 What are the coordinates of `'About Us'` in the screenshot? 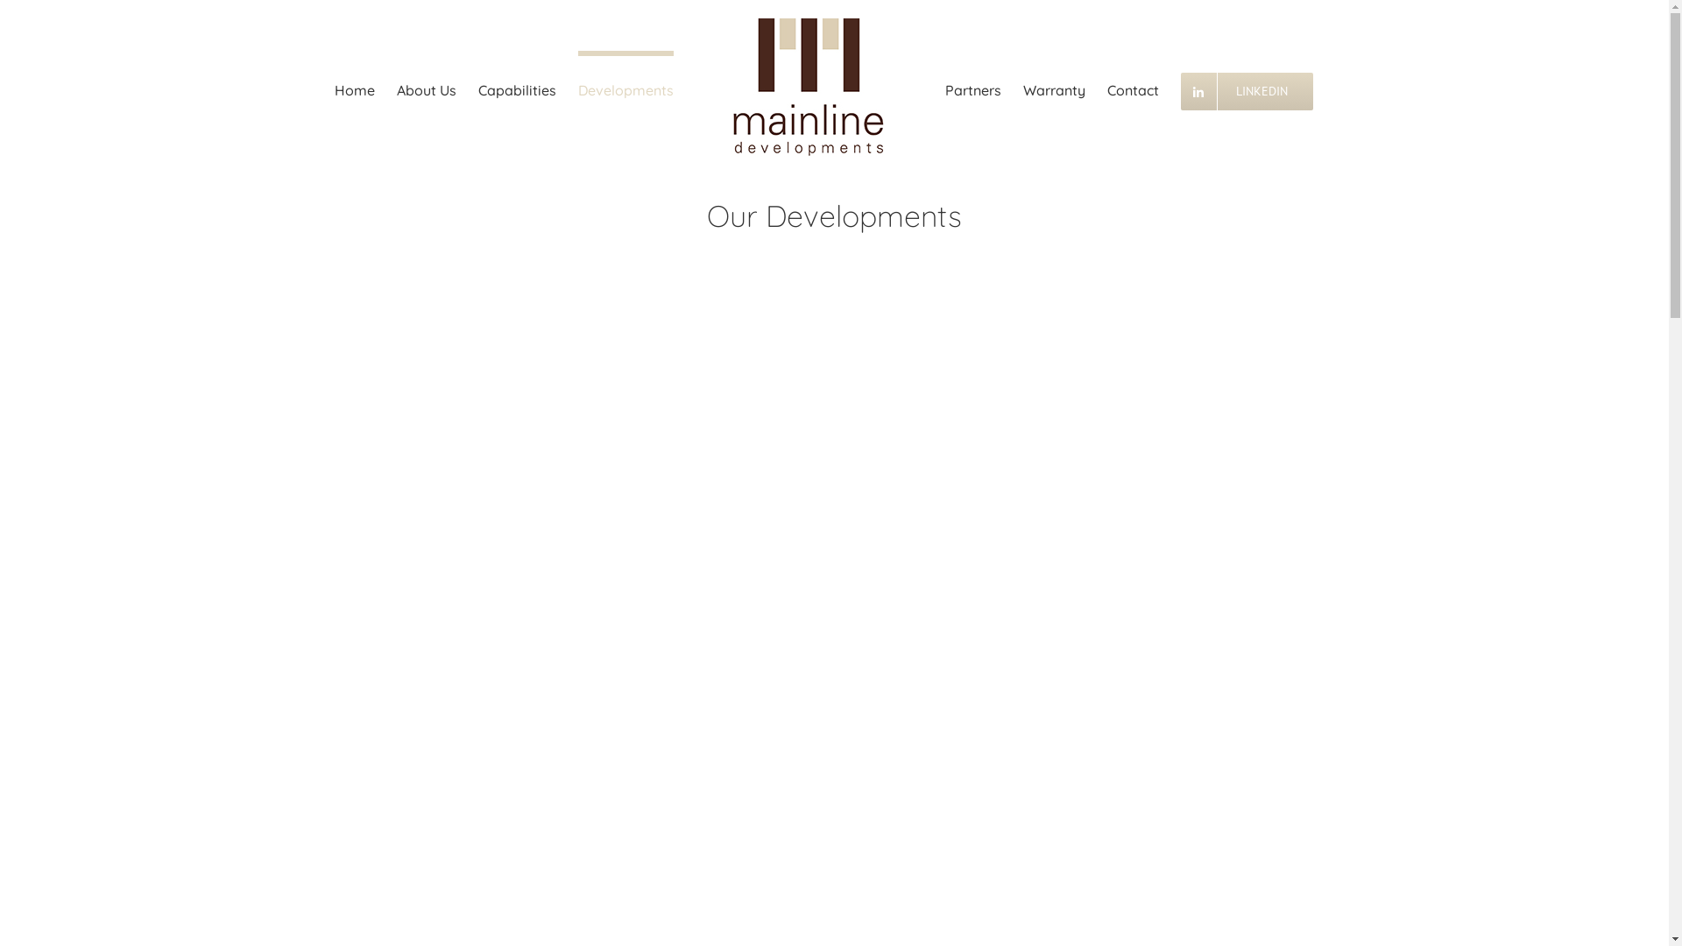 It's located at (425, 88).